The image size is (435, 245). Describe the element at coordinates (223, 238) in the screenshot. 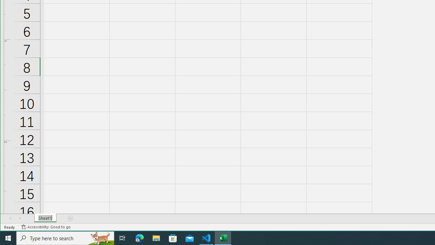

I see `'Excel - 1 running window'` at that location.